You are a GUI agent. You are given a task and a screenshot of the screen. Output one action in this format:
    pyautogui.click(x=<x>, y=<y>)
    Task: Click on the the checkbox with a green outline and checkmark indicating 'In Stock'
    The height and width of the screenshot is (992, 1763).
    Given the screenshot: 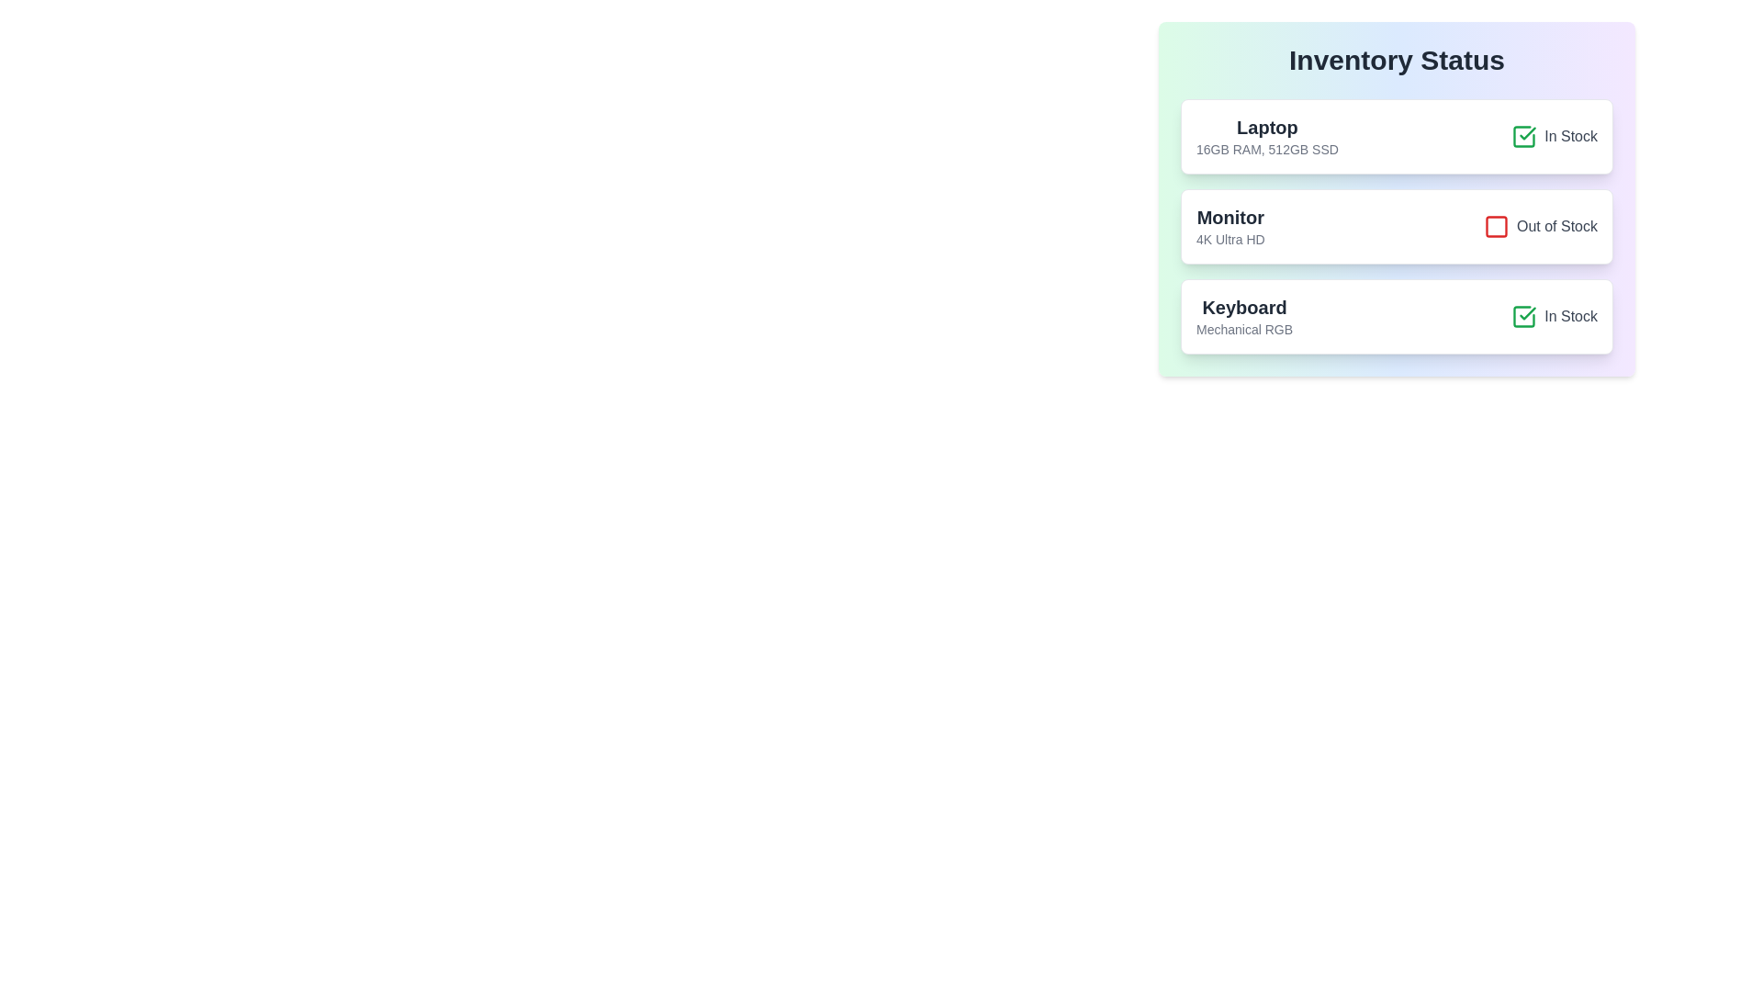 What is the action you would take?
    pyautogui.click(x=1554, y=315)
    